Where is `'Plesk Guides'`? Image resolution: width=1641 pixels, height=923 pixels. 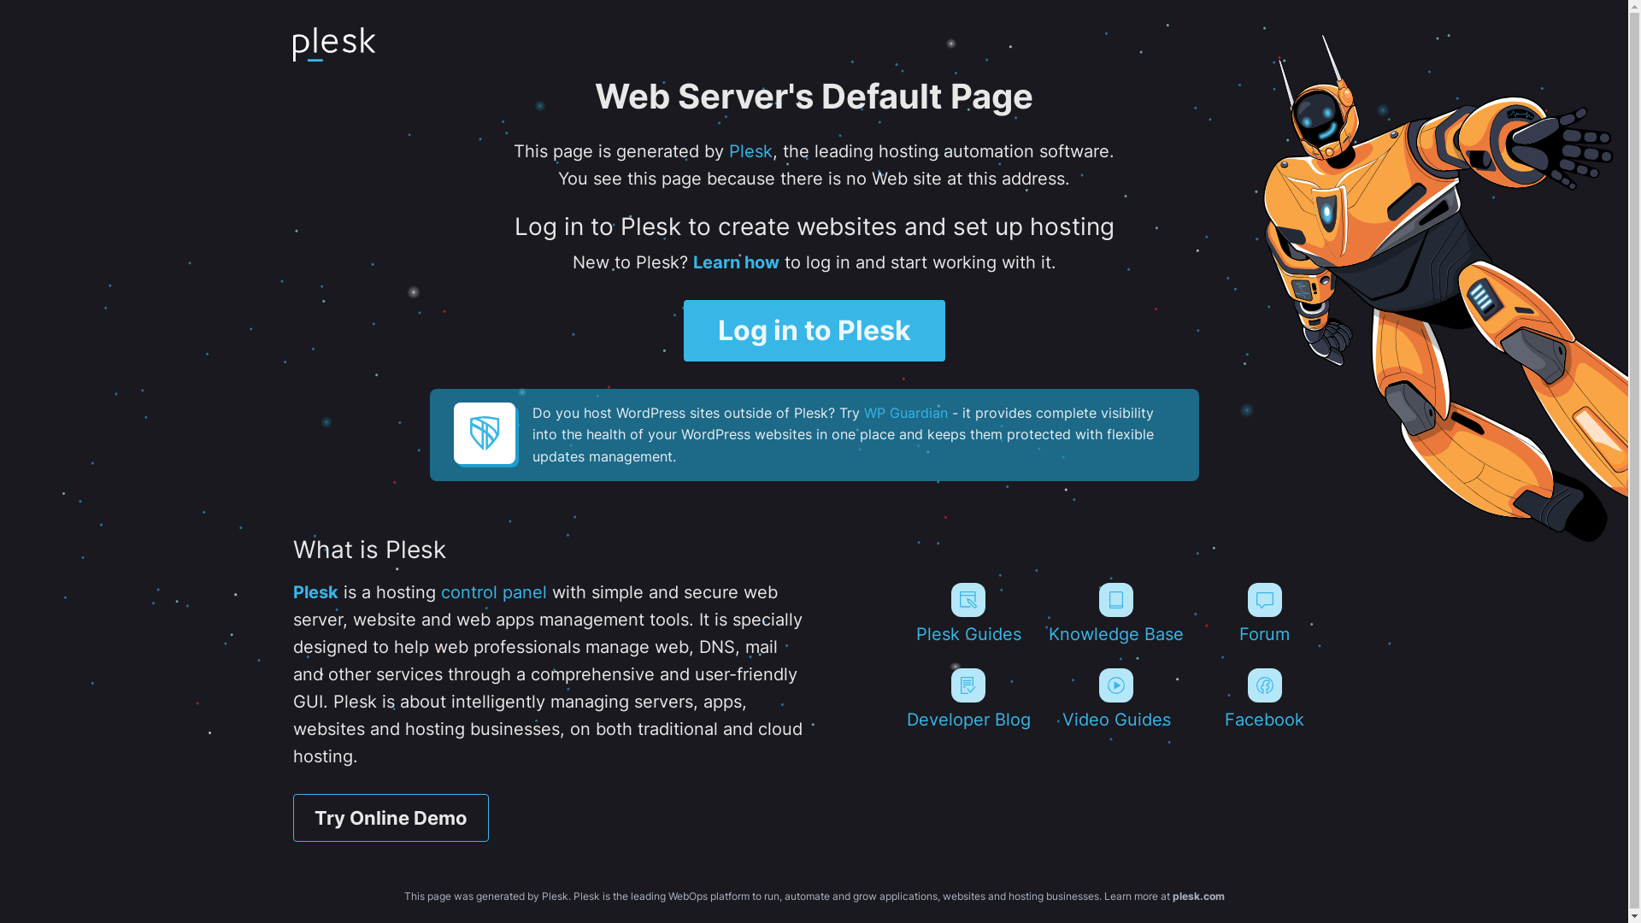 'Plesk Guides' is located at coordinates (968, 612).